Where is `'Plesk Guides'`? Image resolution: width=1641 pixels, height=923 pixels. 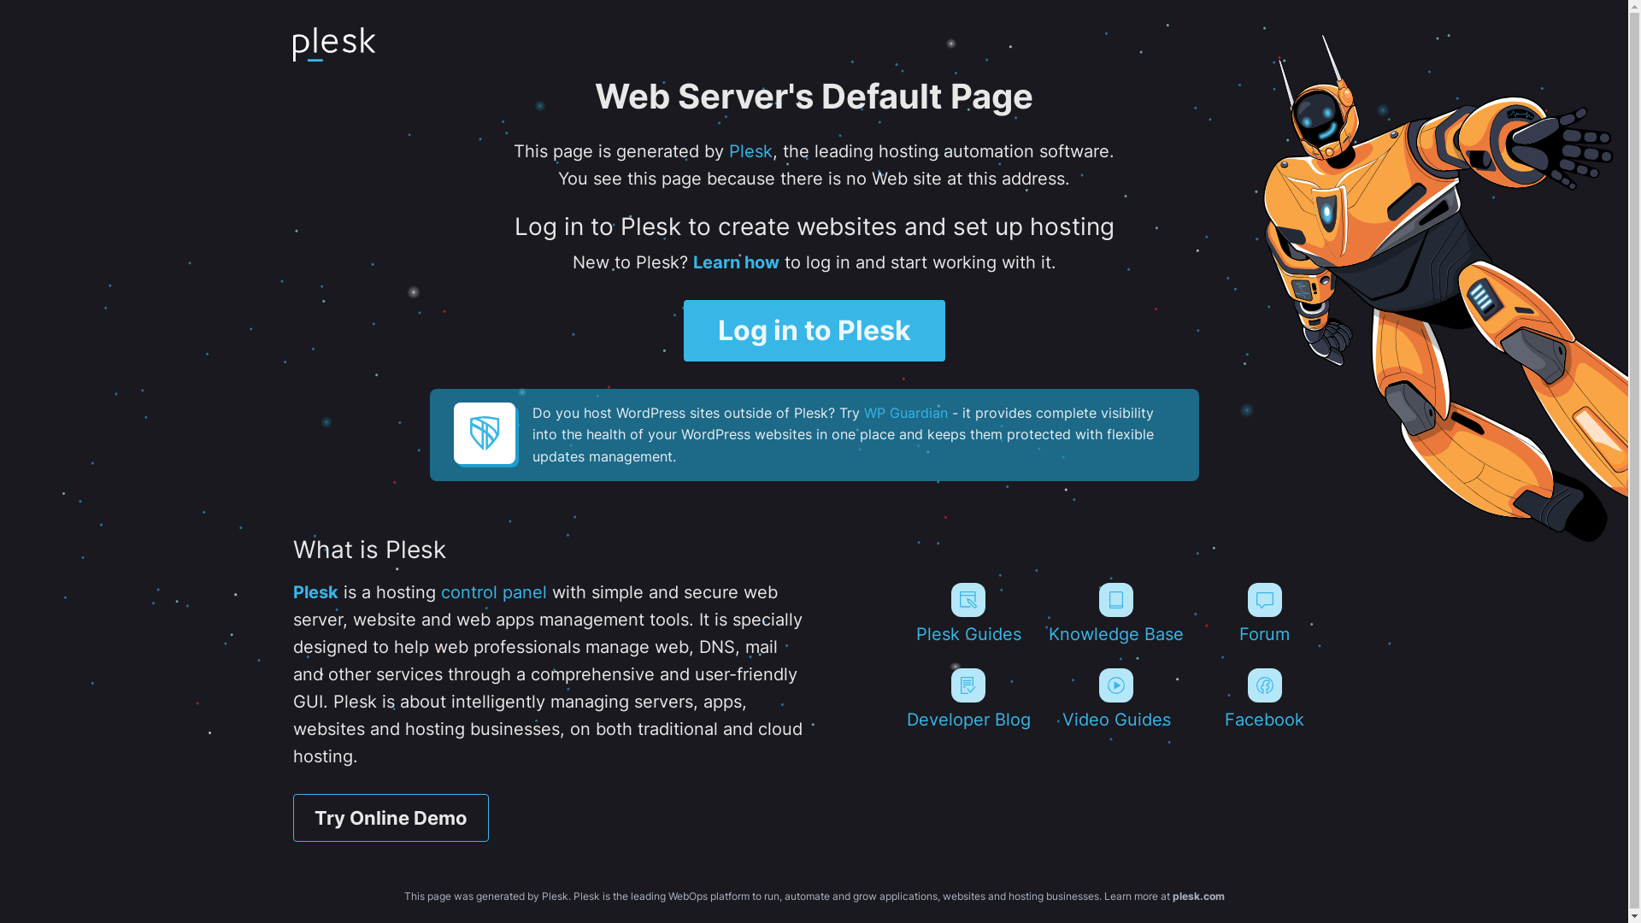 'Plesk Guides' is located at coordinates (968, 612).